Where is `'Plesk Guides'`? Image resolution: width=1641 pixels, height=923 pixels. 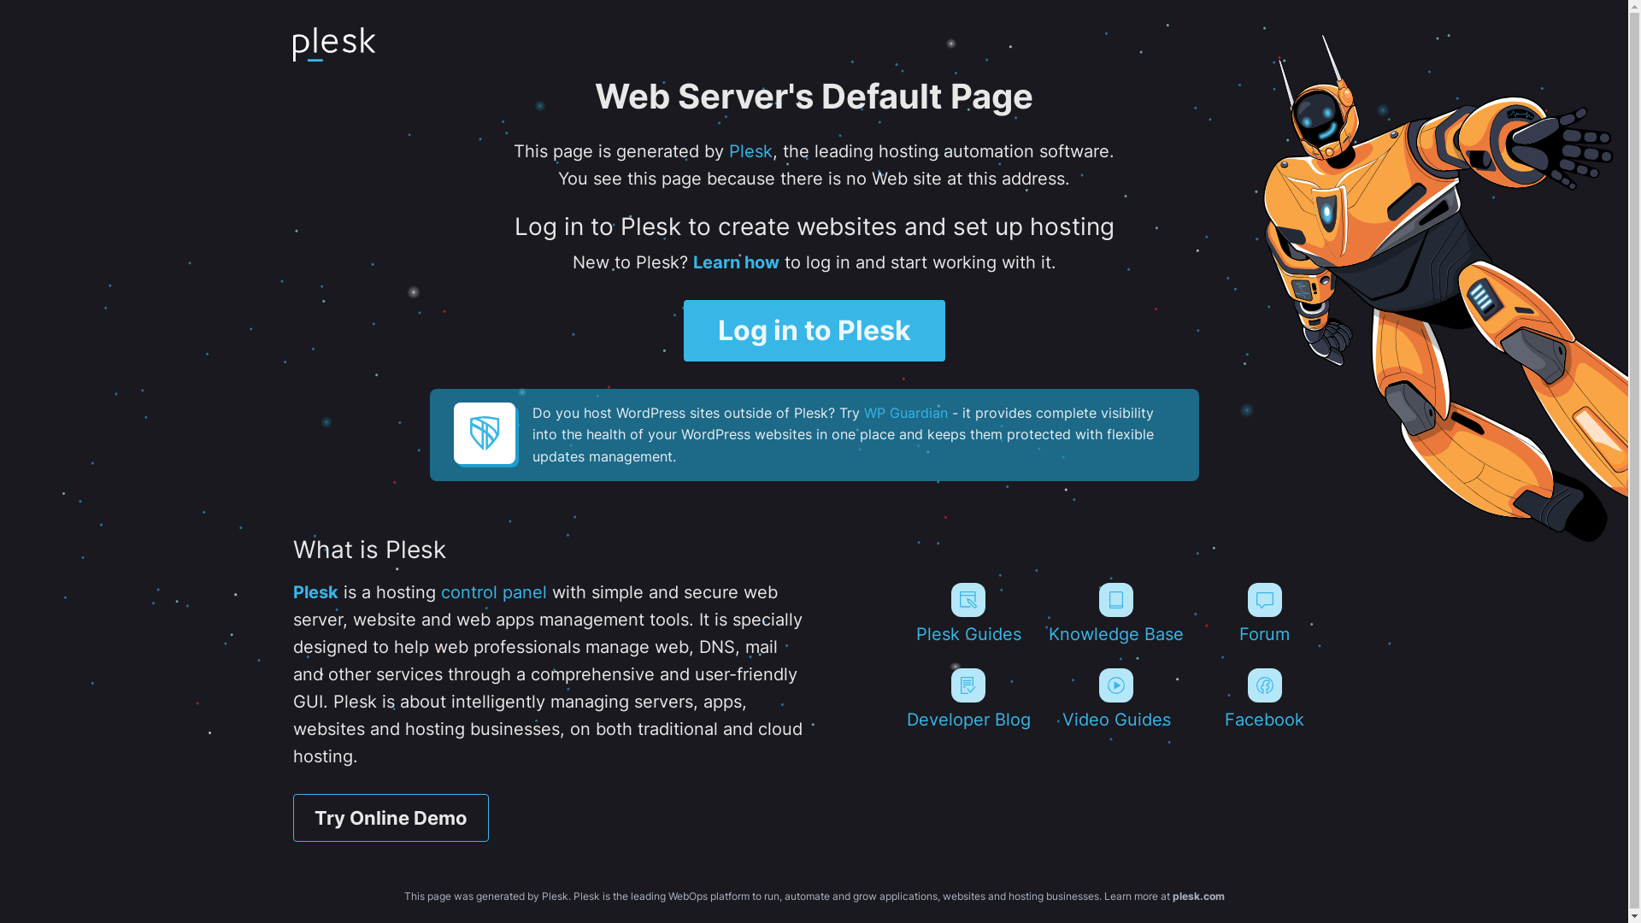 'Plesk Guides' is located at coordinates (968, 612).